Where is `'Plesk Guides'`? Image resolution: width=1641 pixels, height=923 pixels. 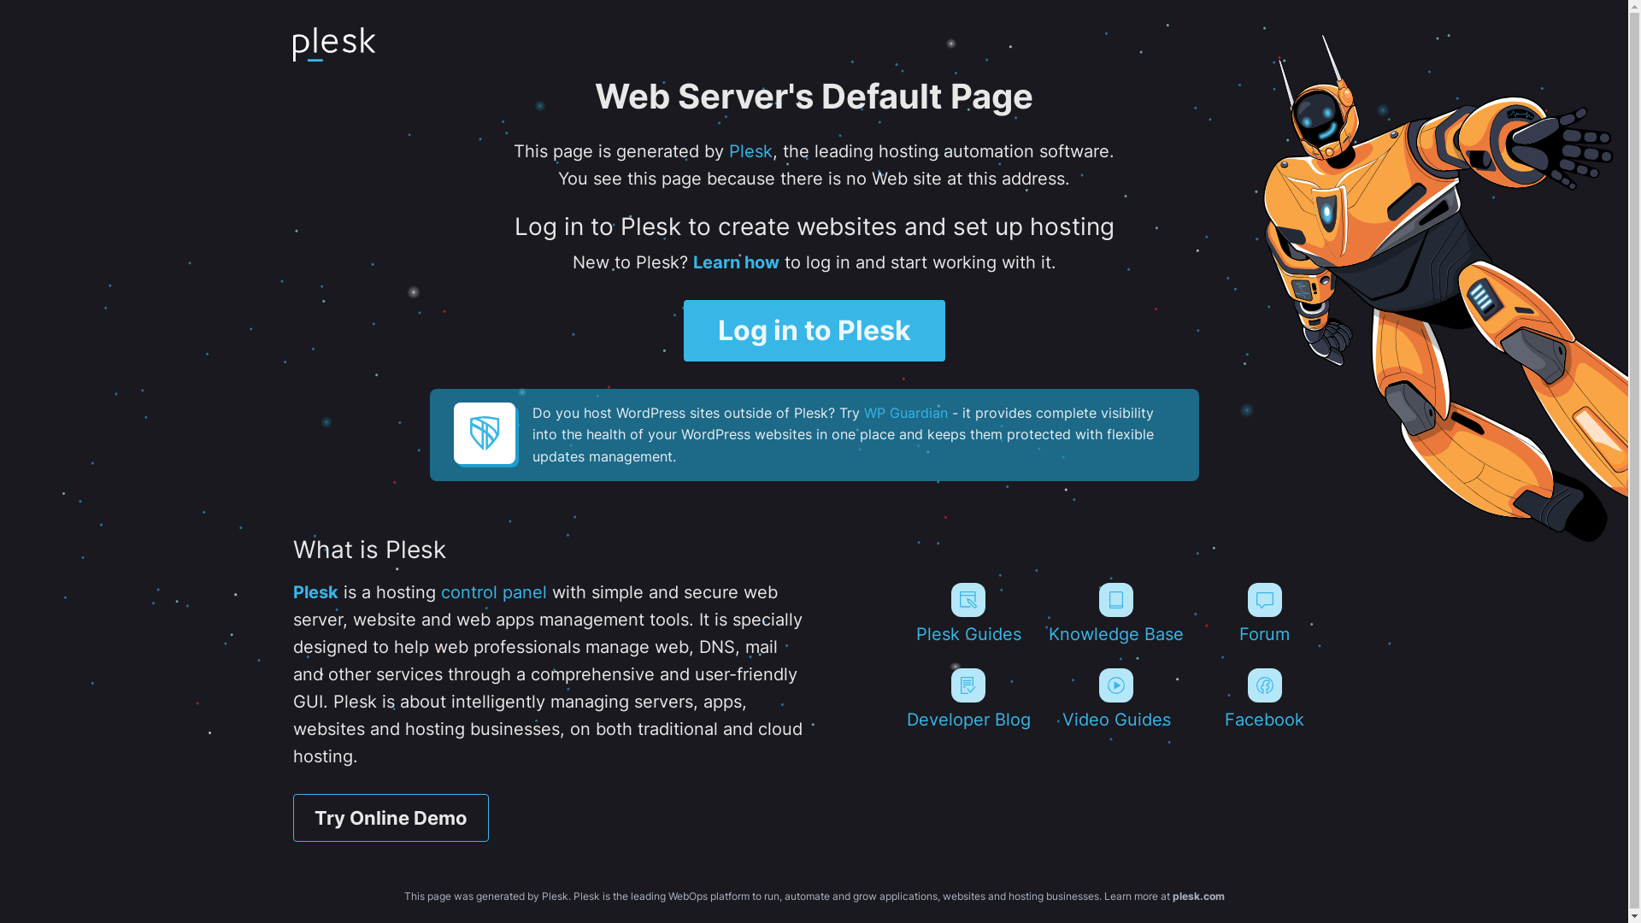 'Plesk Guides' is located at coordinates (968, 612).